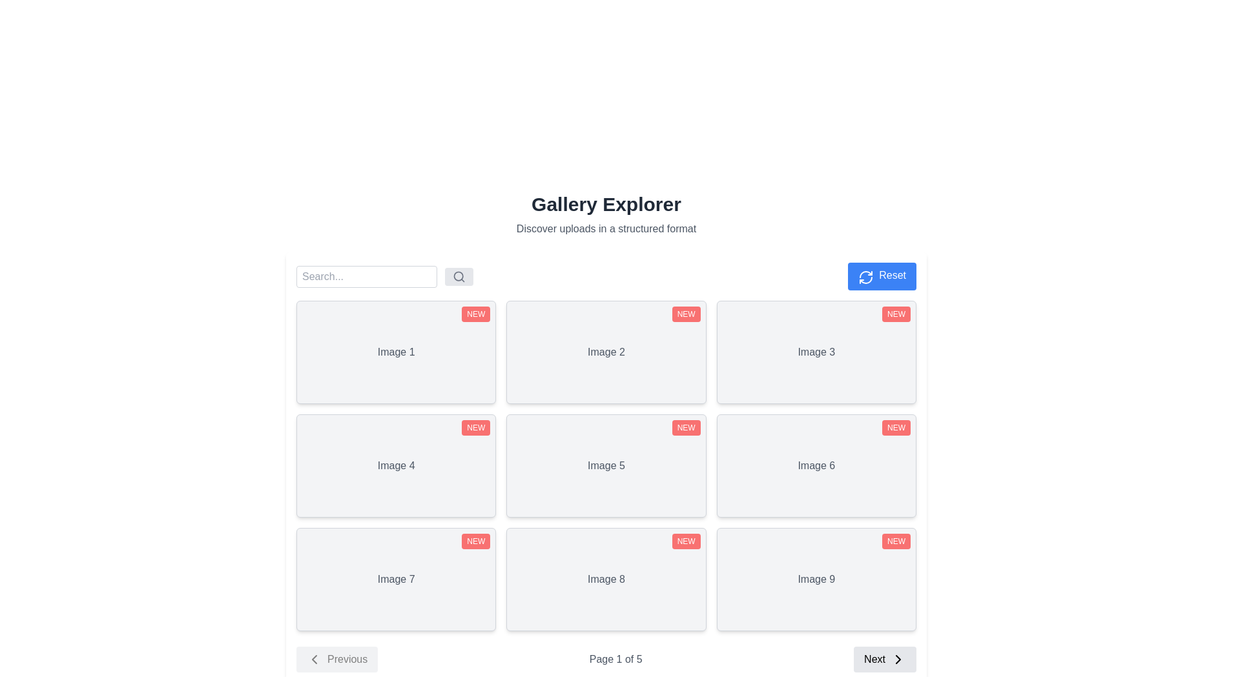 The width and height of the screenshot is (1240, 697). What do you see at coordinates (816, 352) in the screenshot?
I see `the Text label that displays 'Image 3', which is located in the third tile of the first row in a 3x3 grid layout in the gallery interface` at bounding box center [816, 352].